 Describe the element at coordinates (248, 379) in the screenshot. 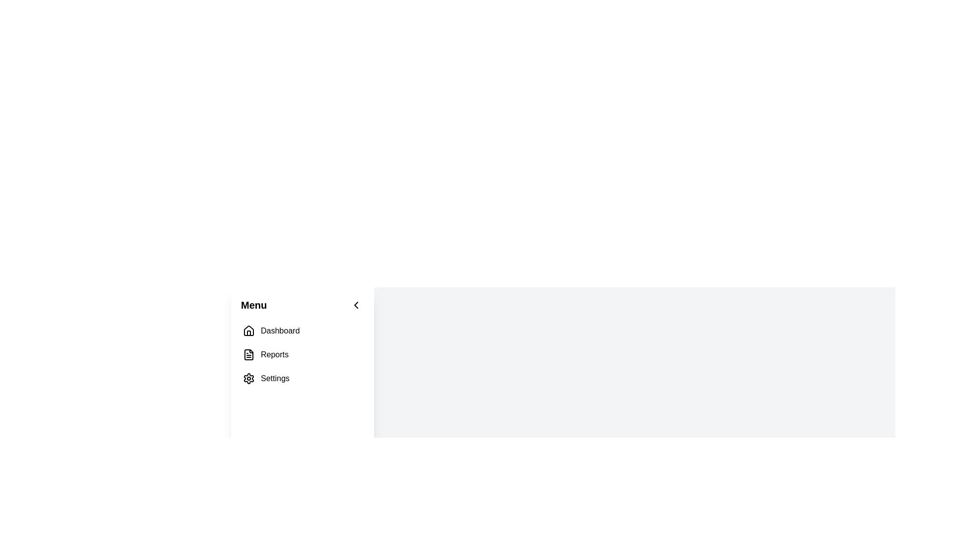

I see `the gear-shaped settings icon in the left-hand sidebar` at that location.